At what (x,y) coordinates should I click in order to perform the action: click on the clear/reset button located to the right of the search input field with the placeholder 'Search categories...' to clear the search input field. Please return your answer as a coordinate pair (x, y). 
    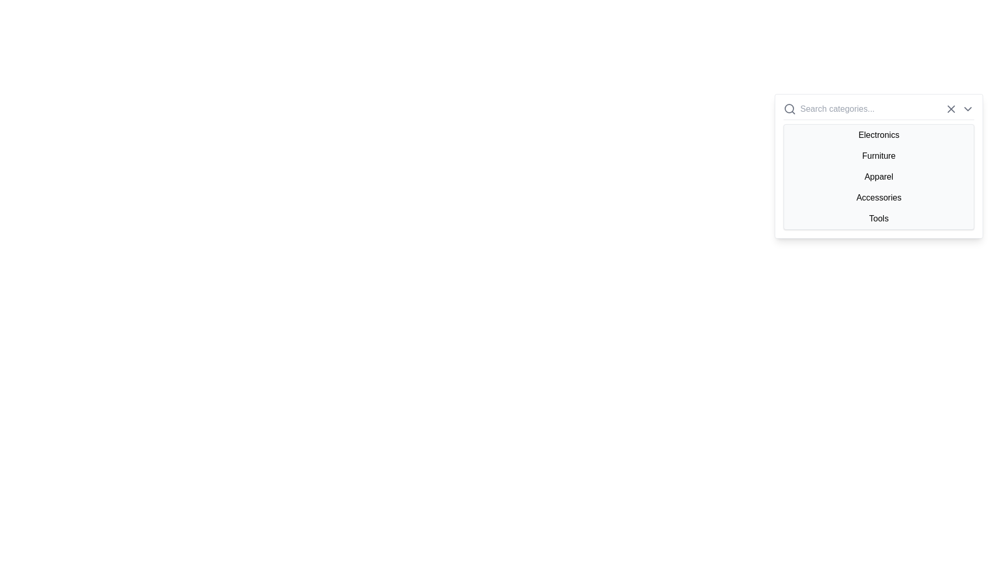
    Looking at the image, I should click on (951, 109).